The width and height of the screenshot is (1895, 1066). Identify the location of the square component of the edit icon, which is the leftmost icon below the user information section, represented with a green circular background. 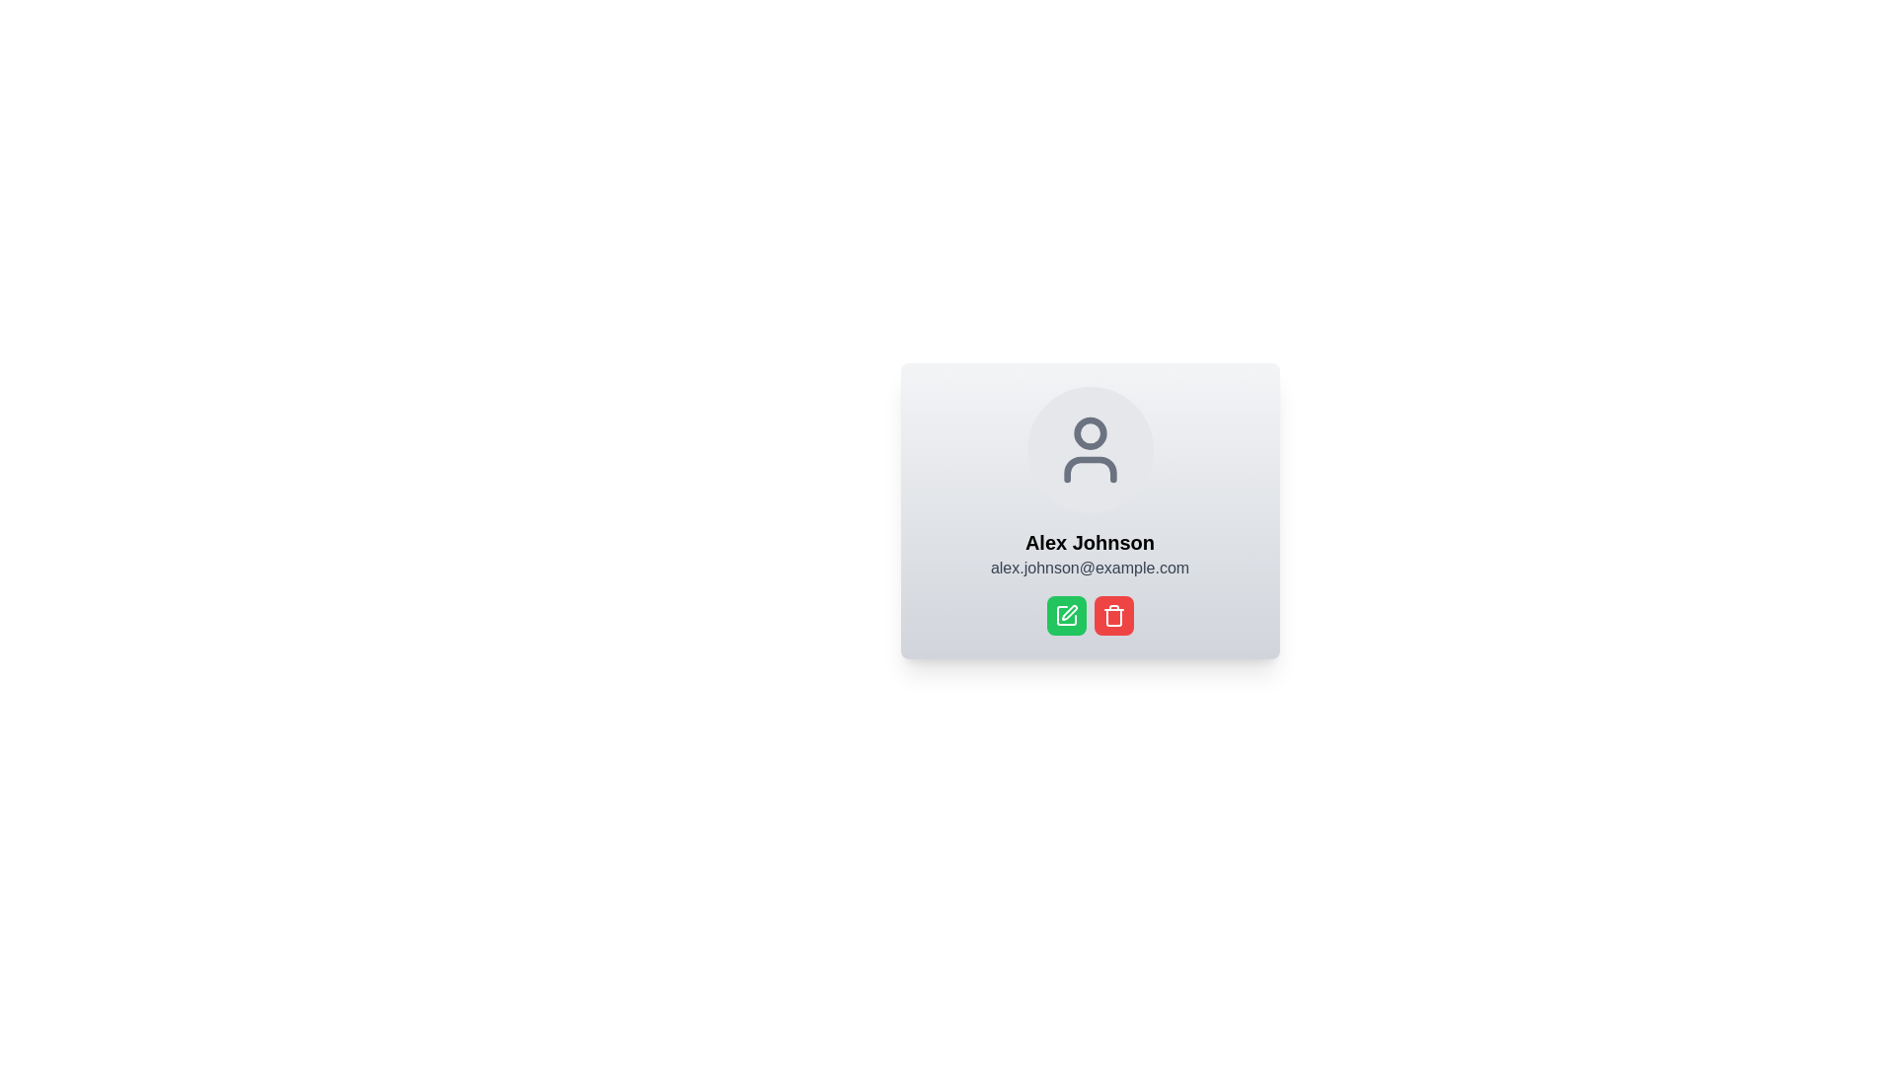
(1065, 615).